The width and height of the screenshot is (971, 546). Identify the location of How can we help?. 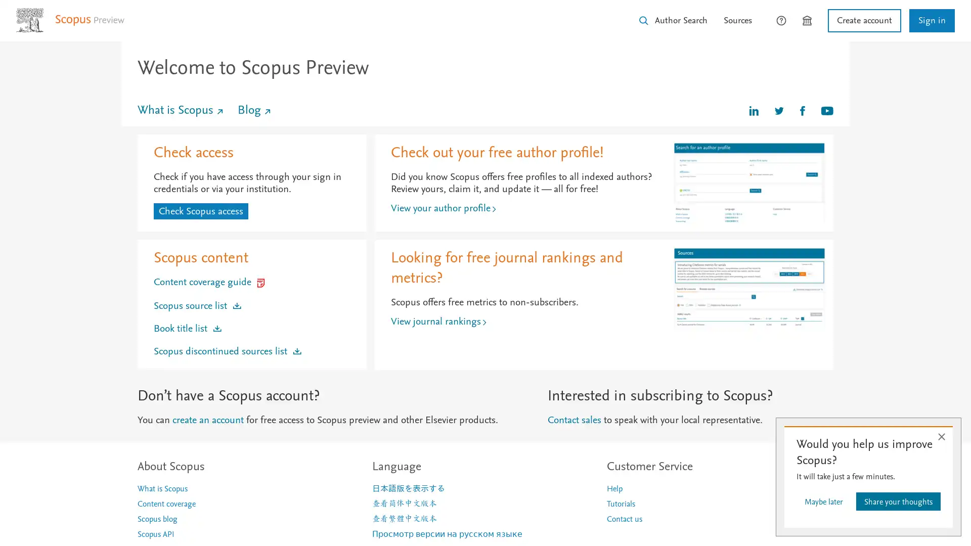
(780, 21).